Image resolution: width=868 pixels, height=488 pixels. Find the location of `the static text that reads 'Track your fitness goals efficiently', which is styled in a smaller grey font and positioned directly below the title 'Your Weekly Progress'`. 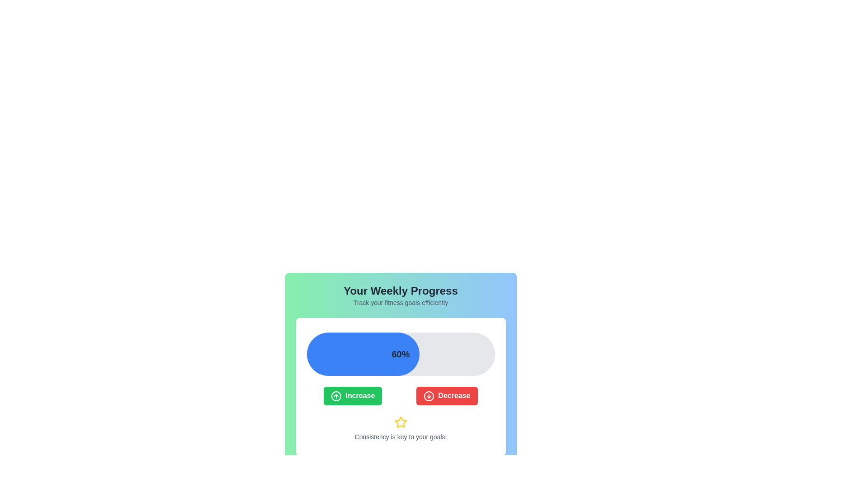

the static text that reads 'Track your fitness goals efficiently', which is styled in a smaller grey font and positioned directly below the title 'Your Weekly Progress' is located at coordinates (400, 303).